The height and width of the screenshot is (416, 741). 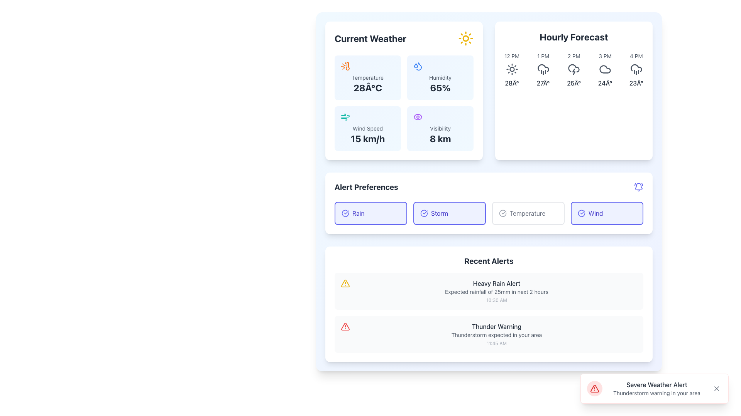 What do you see at coordinates (496, 343) in the screenshot?
I see `the Static Text displaying the timestamp '11:45 AM' for the 'Thunder Warning' alert located in the 'Recent Alerts' section` at bounding box center [496, 343].